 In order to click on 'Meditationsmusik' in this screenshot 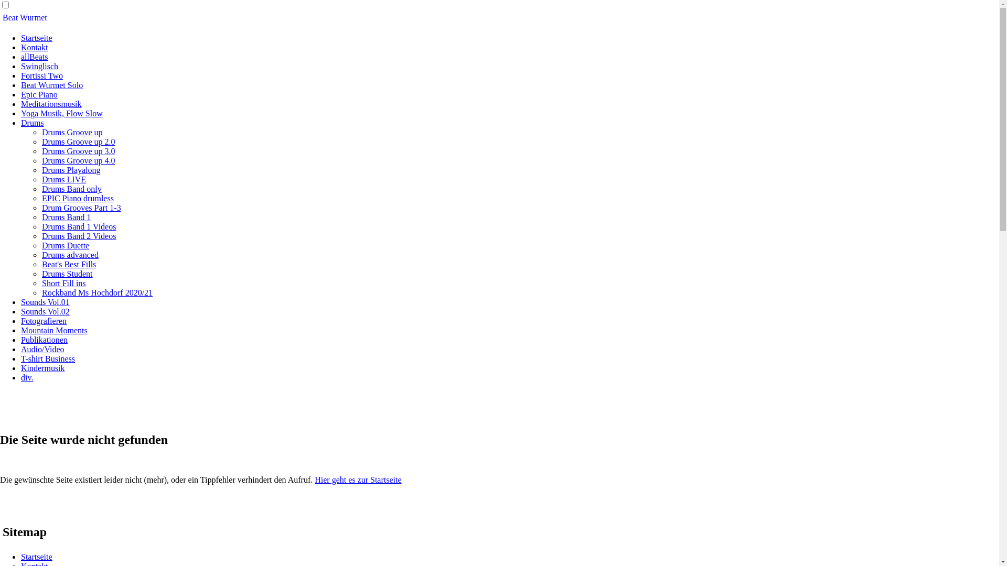, I will do `click(50, 104)`.